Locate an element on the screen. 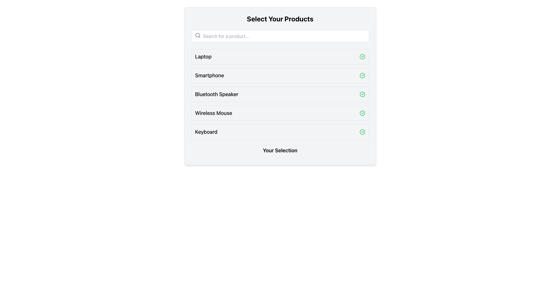  the 'Keyboard' button is located at coordinates (280, 132).